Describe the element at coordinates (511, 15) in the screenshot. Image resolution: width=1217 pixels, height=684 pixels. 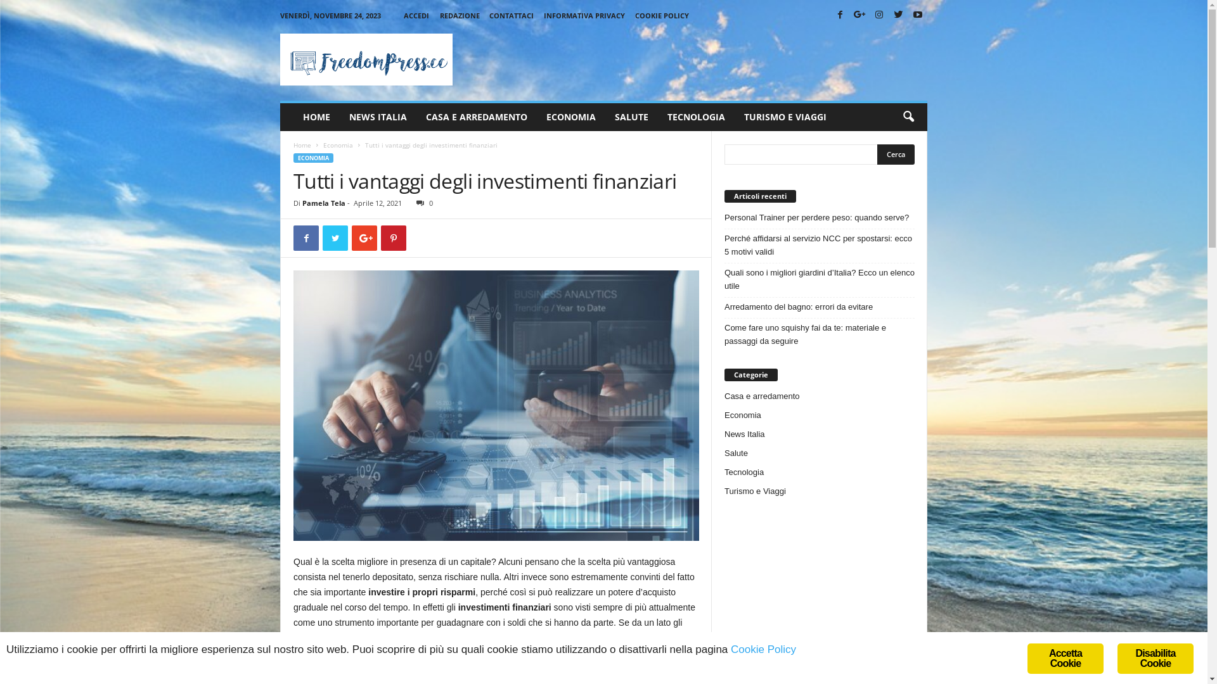
I see `'CONTATTACI'` at that location.